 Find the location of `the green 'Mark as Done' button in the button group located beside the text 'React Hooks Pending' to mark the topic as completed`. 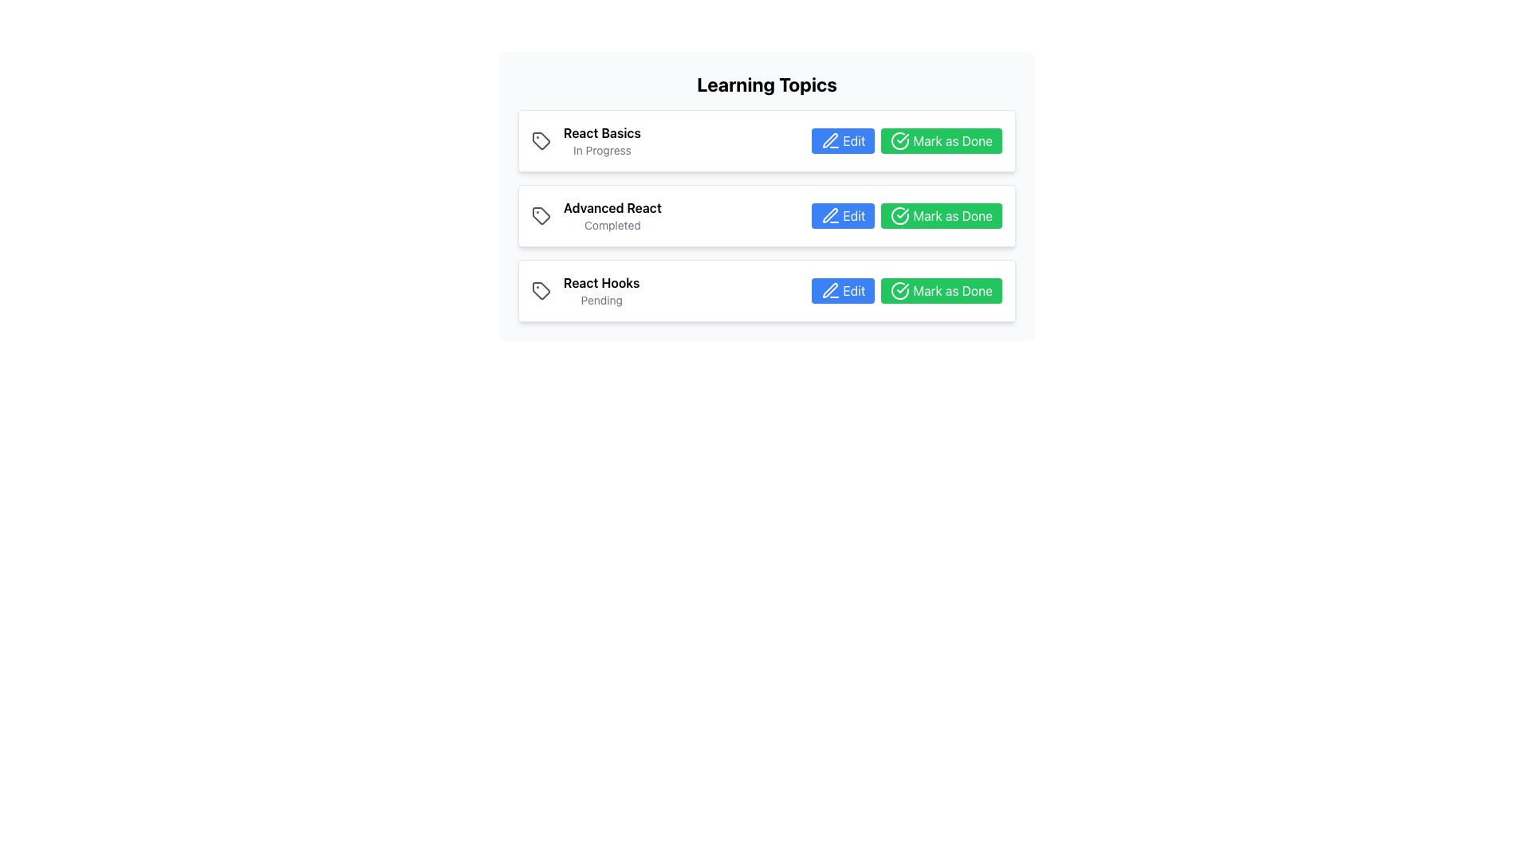

the green 'Mark as Done' button in the button group located beside the text 'React Hooks Pending' to mark the topic as completed is located at coordinates (907, 291).